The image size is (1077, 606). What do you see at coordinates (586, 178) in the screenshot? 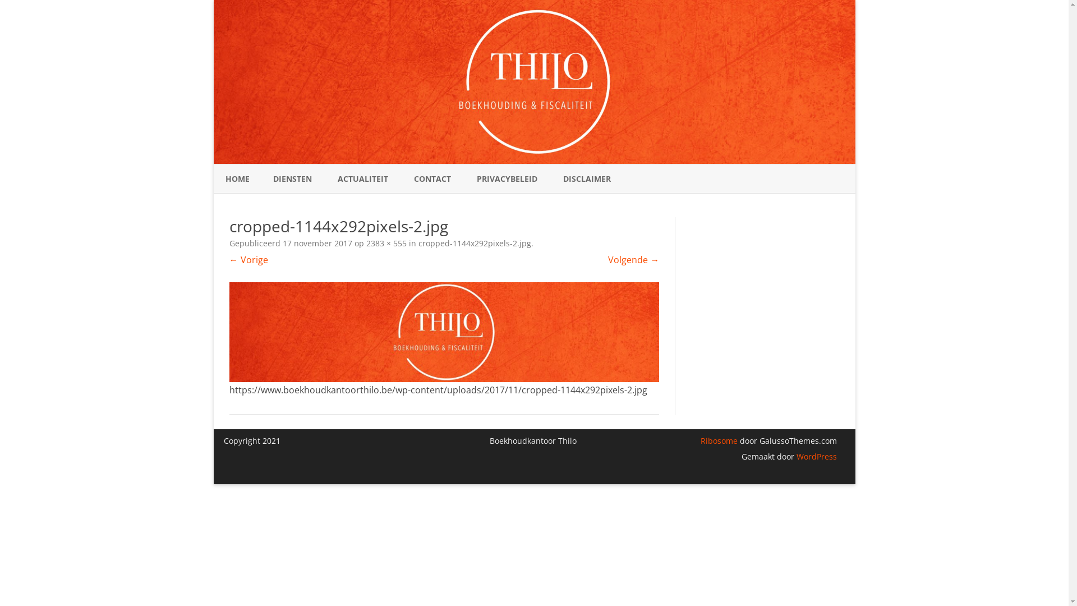
I see `'DISCLAIMER'` at bounding box center [586, 178].